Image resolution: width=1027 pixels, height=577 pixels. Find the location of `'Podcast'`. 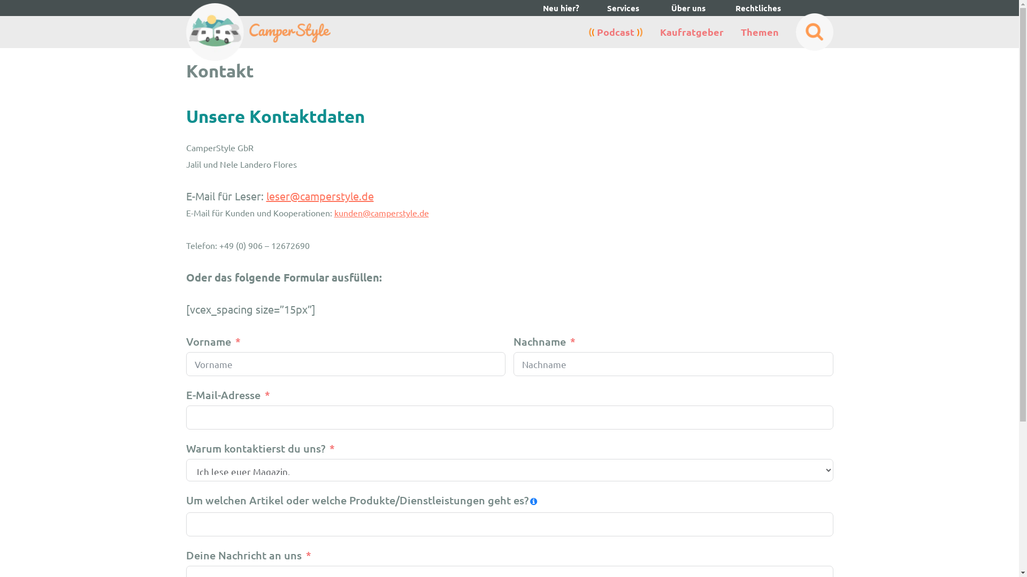

'Podcast' is located at coordinates (616, 31).